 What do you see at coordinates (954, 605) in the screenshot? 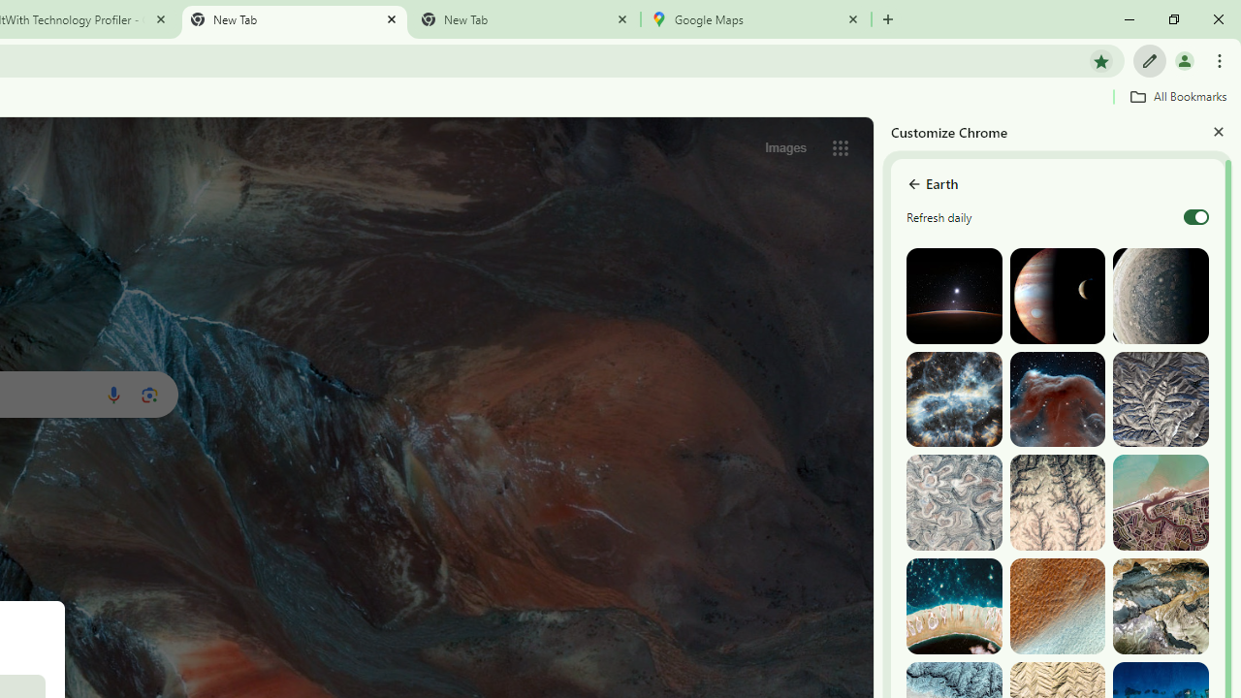
I see `'The Tuamotu and Gambier Islands, French Polynesia'` at bounding box center [954, 605].